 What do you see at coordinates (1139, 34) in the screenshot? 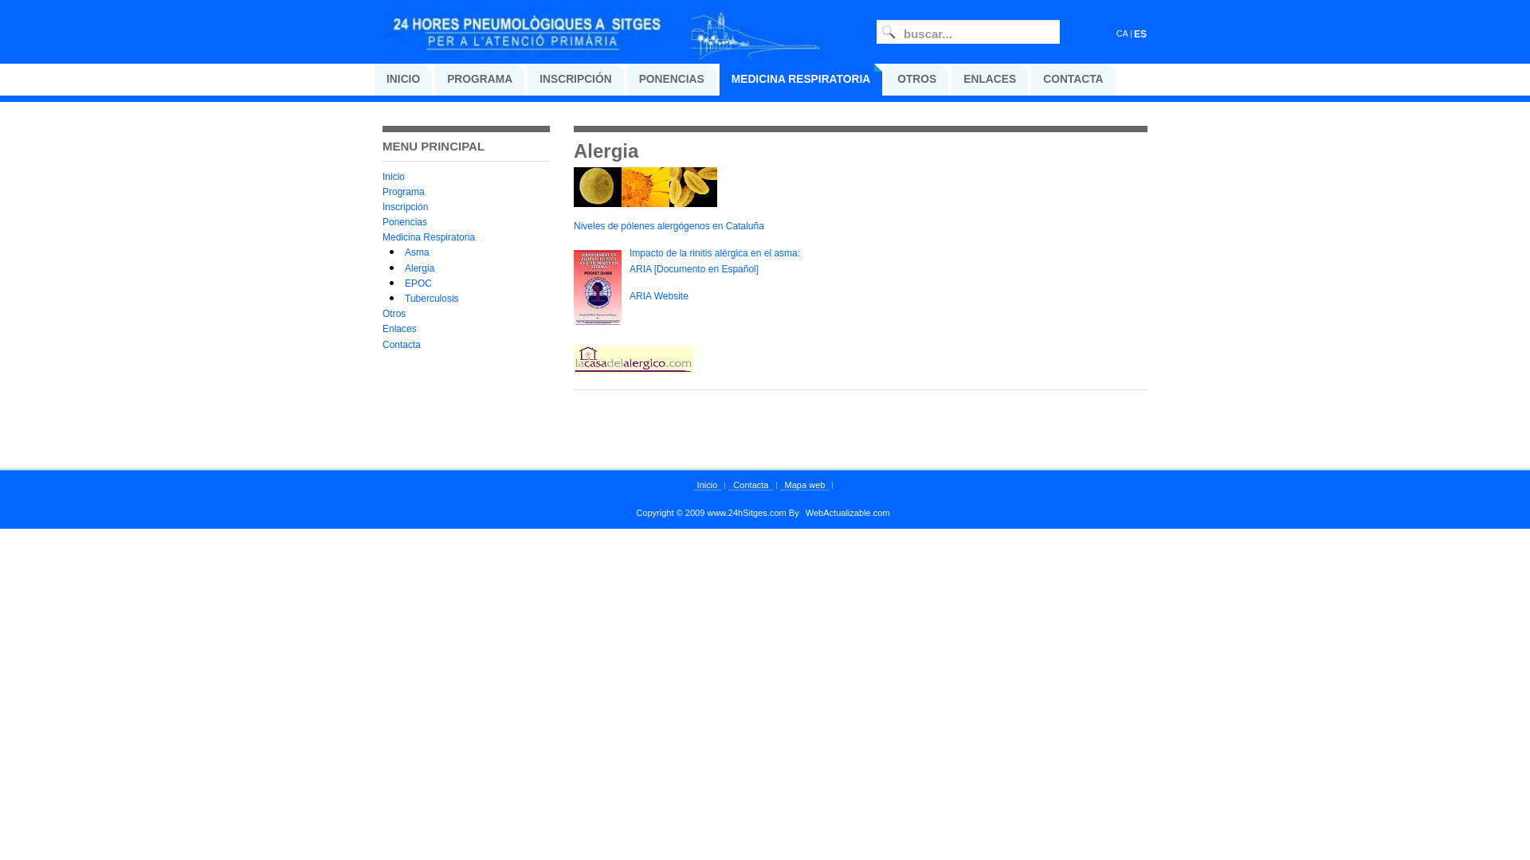
I see `'ES'` at bounding box center [1139, 34].